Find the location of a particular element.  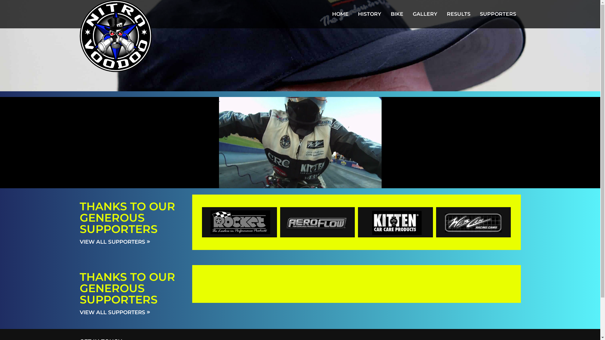

'RESULTS' is located at coordinates (458, 14).